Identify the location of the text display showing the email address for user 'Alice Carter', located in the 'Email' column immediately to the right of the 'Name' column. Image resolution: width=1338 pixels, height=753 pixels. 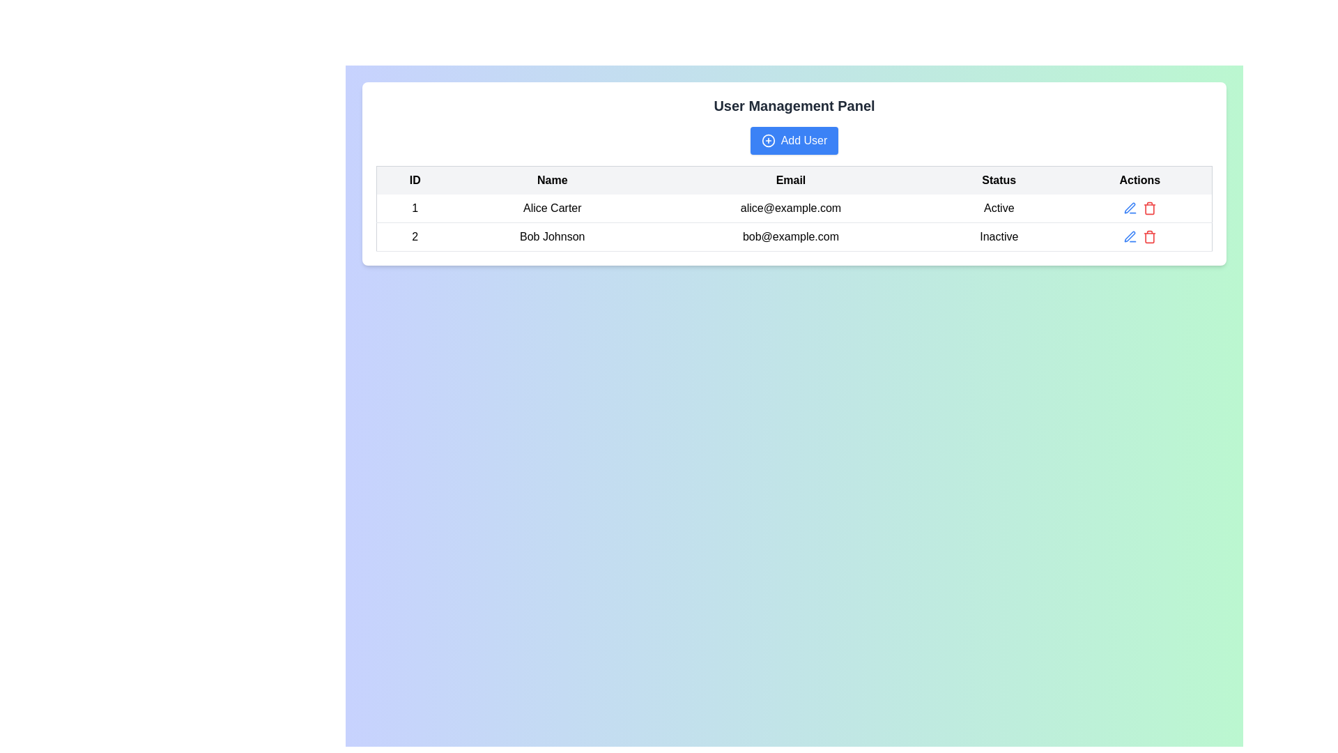
(790, 208).